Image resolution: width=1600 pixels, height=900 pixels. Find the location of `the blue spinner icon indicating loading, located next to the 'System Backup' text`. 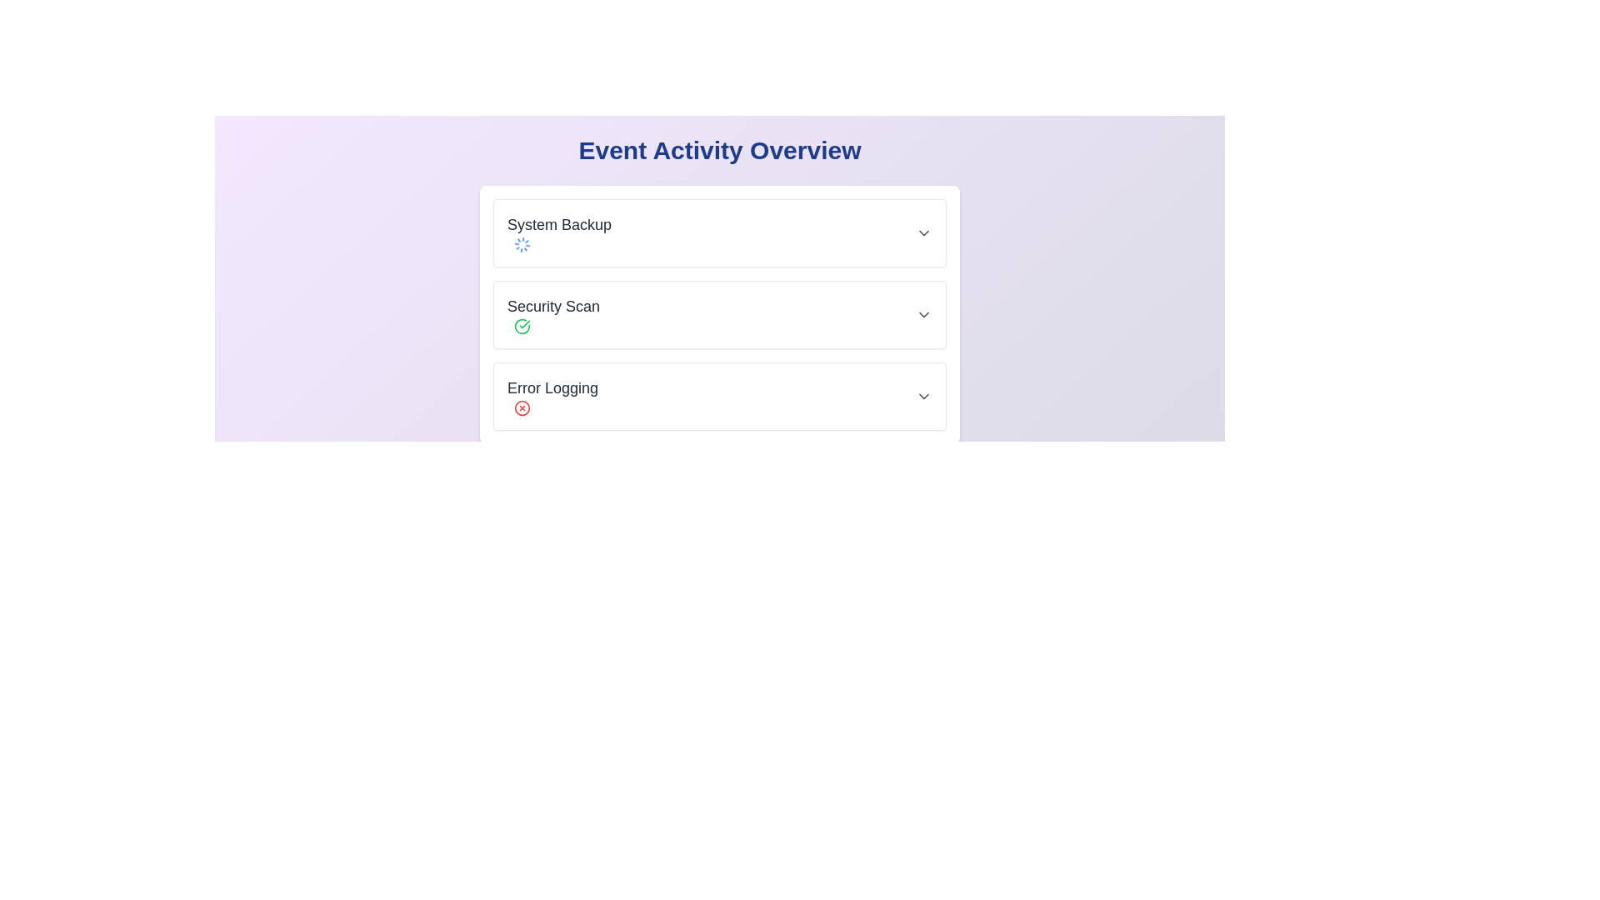

the blue spinner icon indicating loading, located next to the 'System Backup' text is located at coordinates (522, 244).